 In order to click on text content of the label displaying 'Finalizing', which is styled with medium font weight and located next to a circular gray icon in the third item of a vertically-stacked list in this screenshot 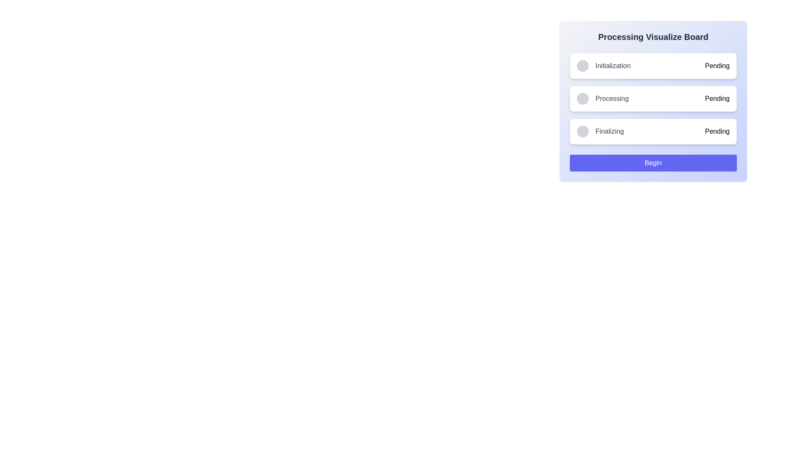, I will do `click(600, 131)`.